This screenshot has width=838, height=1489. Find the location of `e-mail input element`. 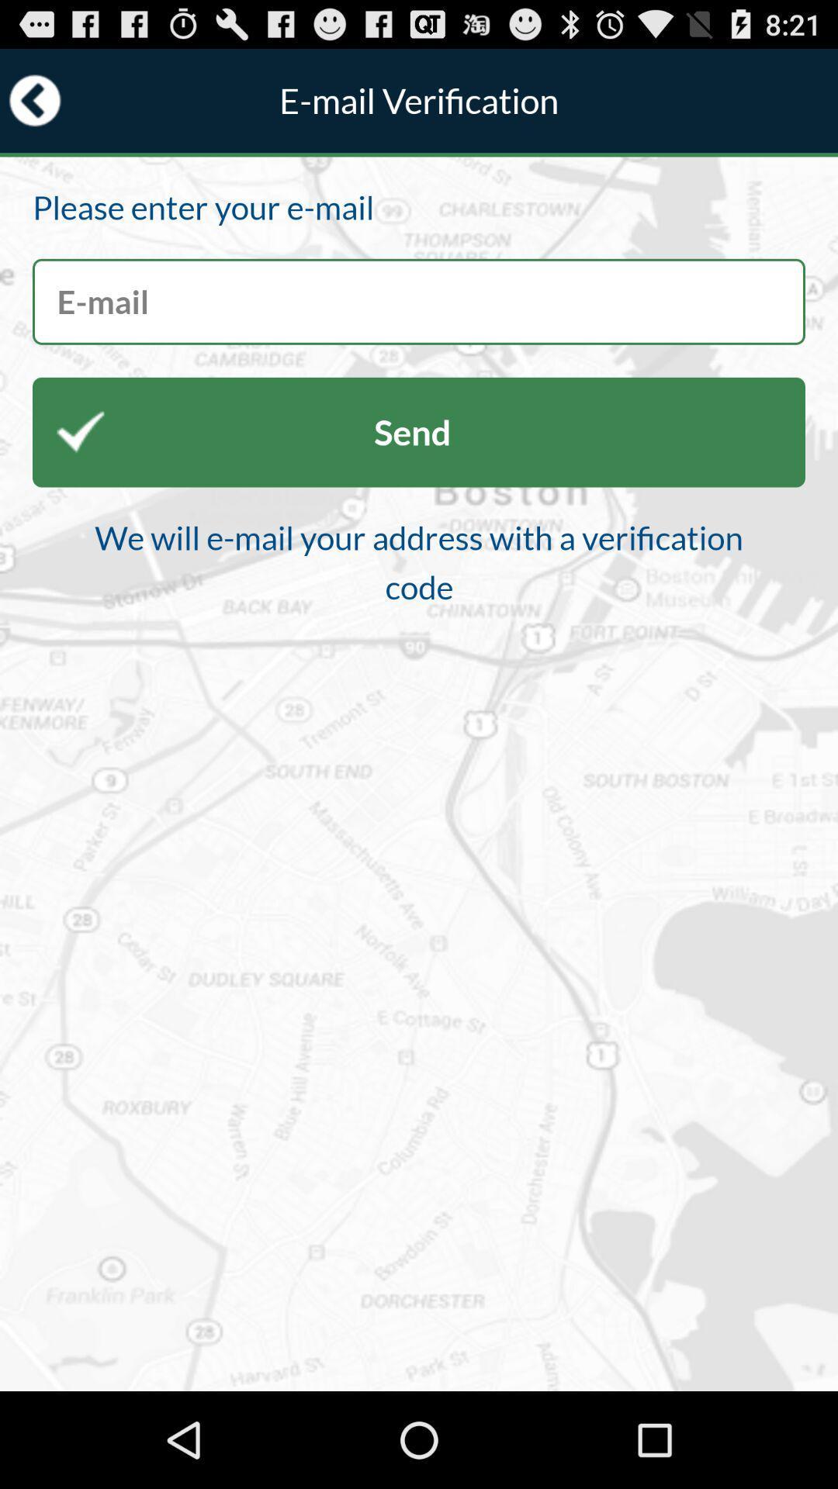

e-mail input element is located at coordinates (419, 302).